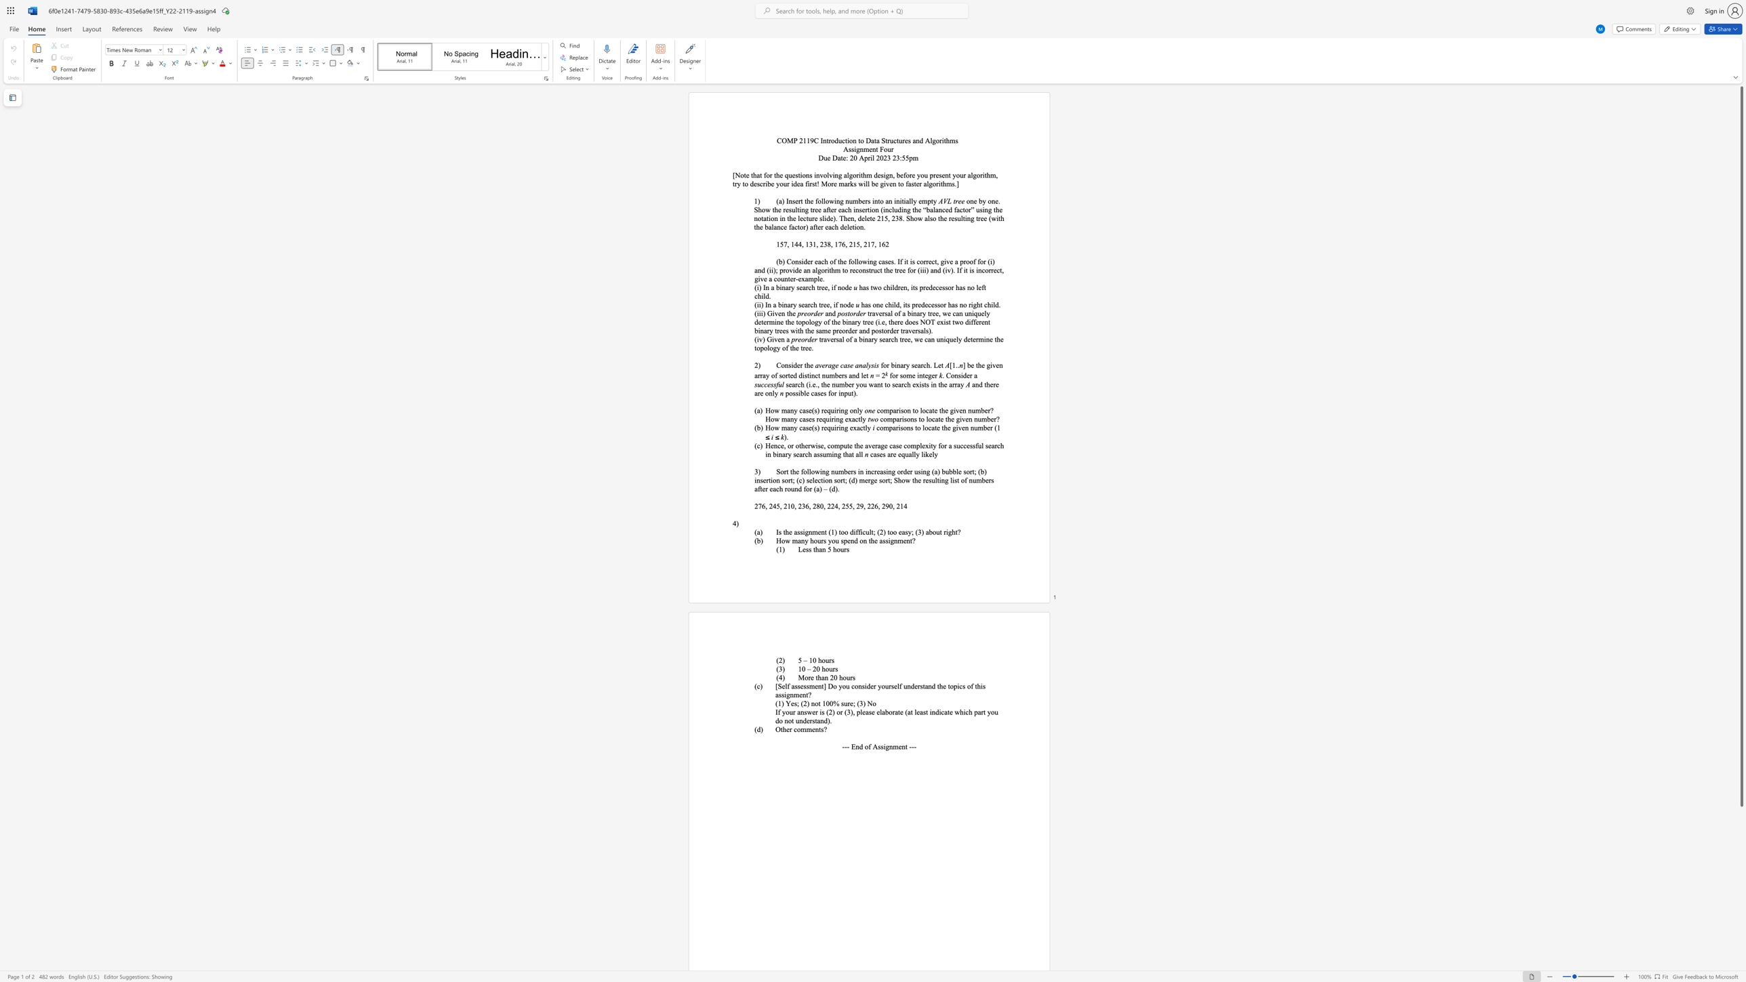 This screenshot has height=982, width=1746. I want to click on the 2th character "s" in the text, so click(771, 384).